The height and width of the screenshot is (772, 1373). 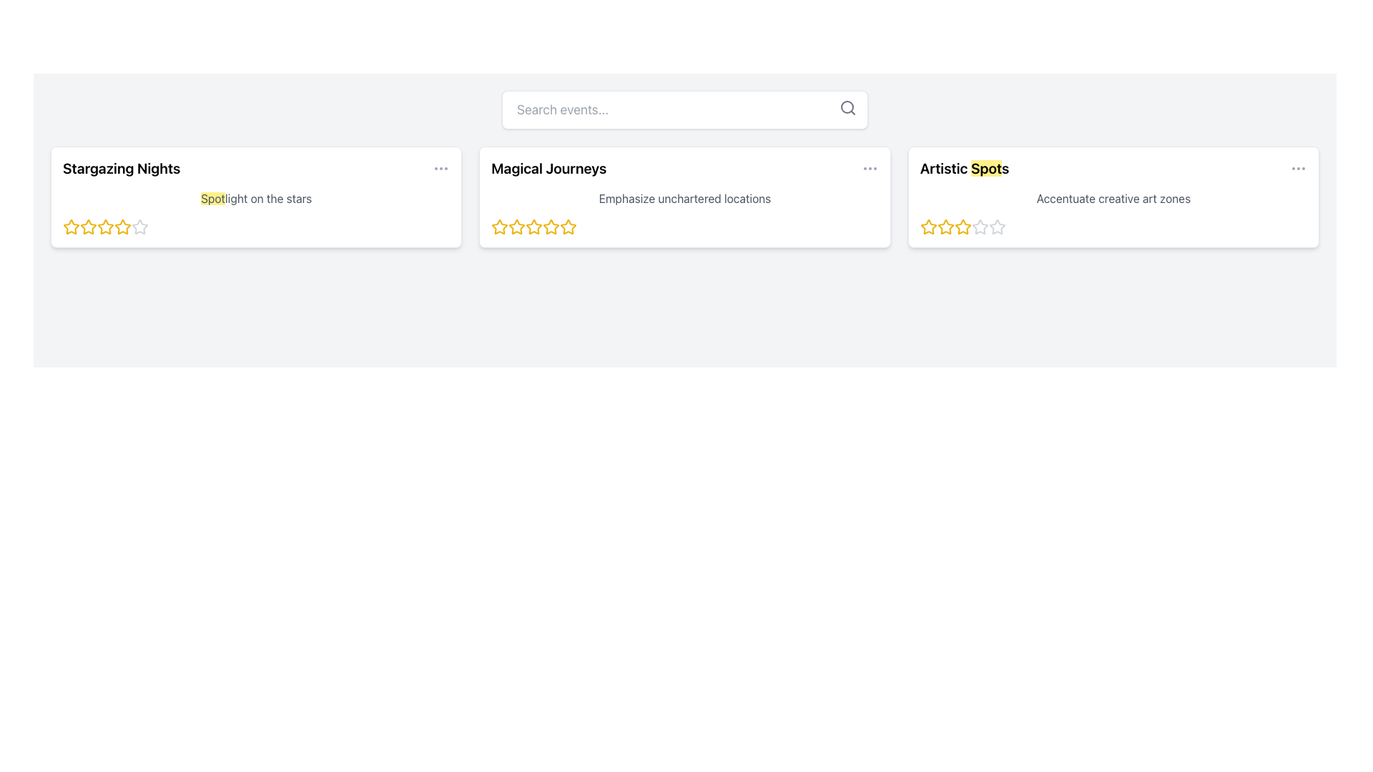 What do you see at coordinates (123, 226) in the screenshot?
I see `the fifth star-shaped rating icon with a yellow outline in the 'Stargazing Nights' section` at bounding box center [123, 226].